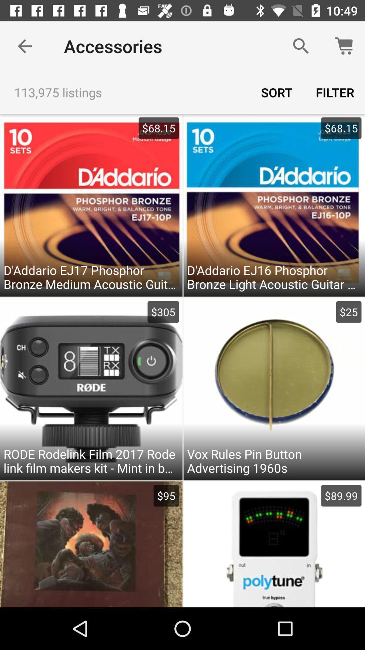  What do you see at coordinates (276, 92) in the screenshot?
I see `the item next to the 113,975 listings` at bounding box center [276, 92].